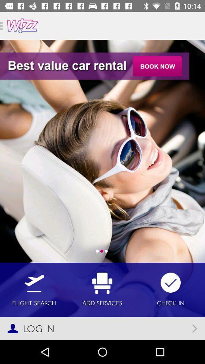  What do you see at coordinates (170, 289) in the screenshot?
I see `item next to the add services` at bounding box center [170, 289].